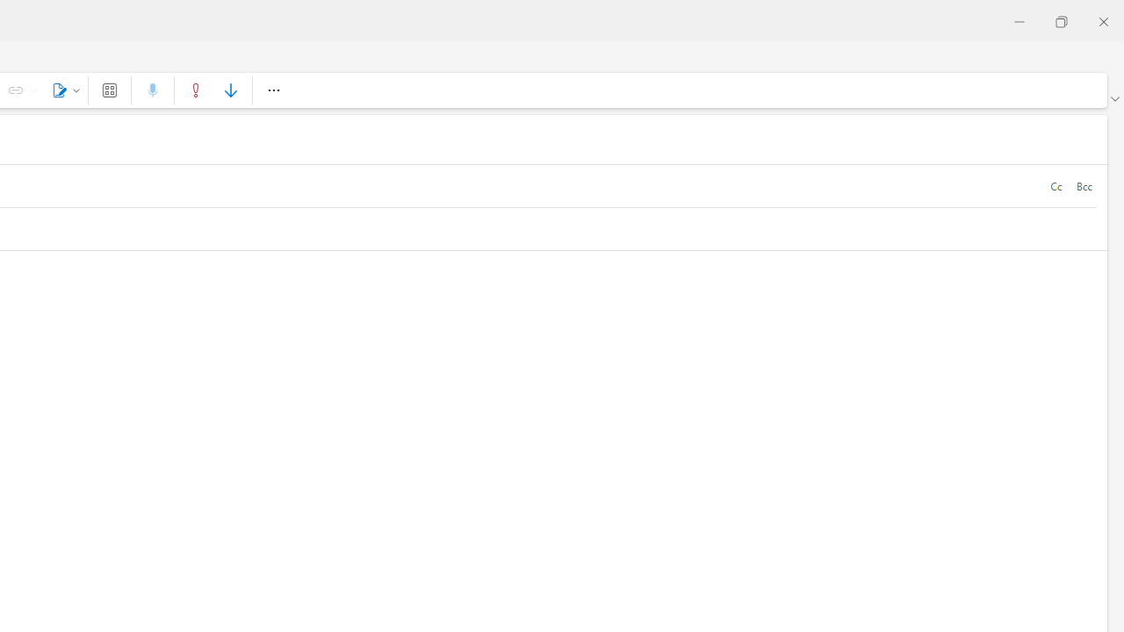 This screenshot has width=1124, height=632. I want to click on 'Low importance', so click(230, 90).